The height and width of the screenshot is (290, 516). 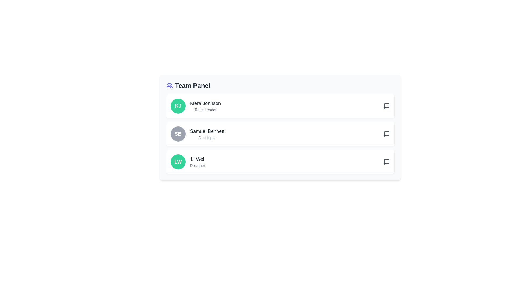 I want to click on the card containing the initials 'SB', the name 'Samuel Bennett', and the title 'Developer', which is the second card in a vertically stacked list, so click(x=280, y=133).